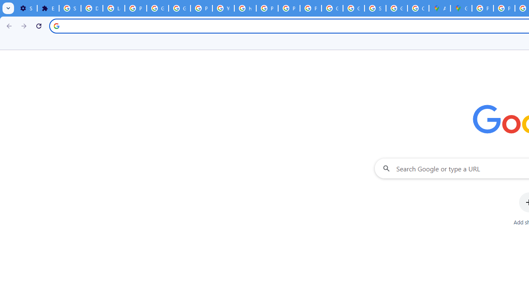  I want to click on 'Forward', so click(24, 25).